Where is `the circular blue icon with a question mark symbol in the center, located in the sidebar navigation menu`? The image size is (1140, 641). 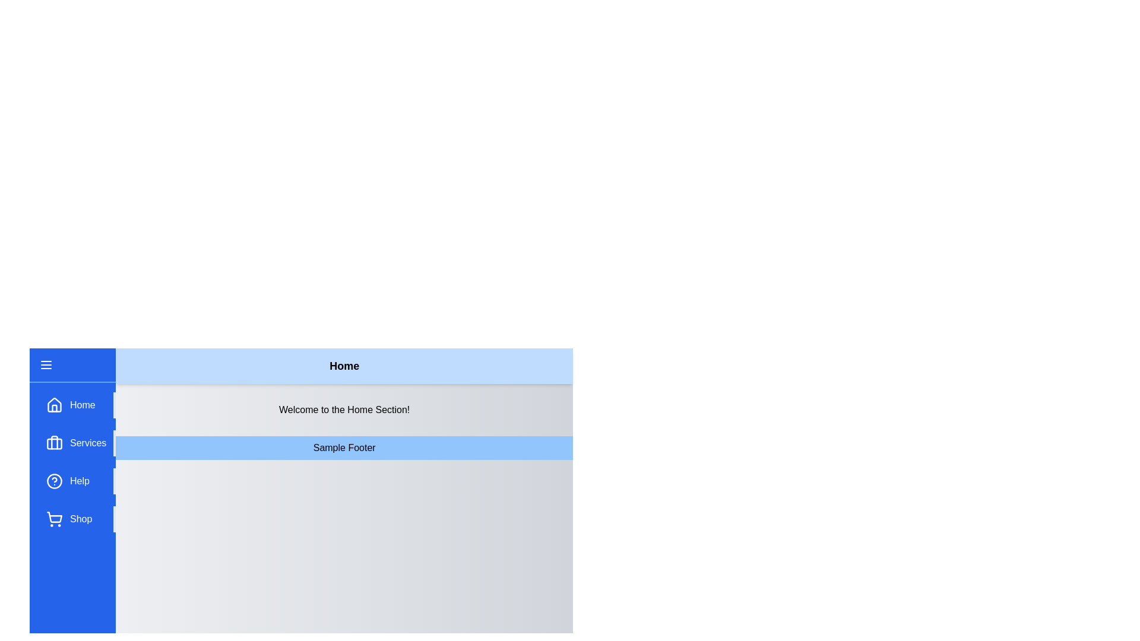 the circular blue icon with a question mark symbol in the center, located in the sidebar navigation menu is located at coordinates (53, 481).